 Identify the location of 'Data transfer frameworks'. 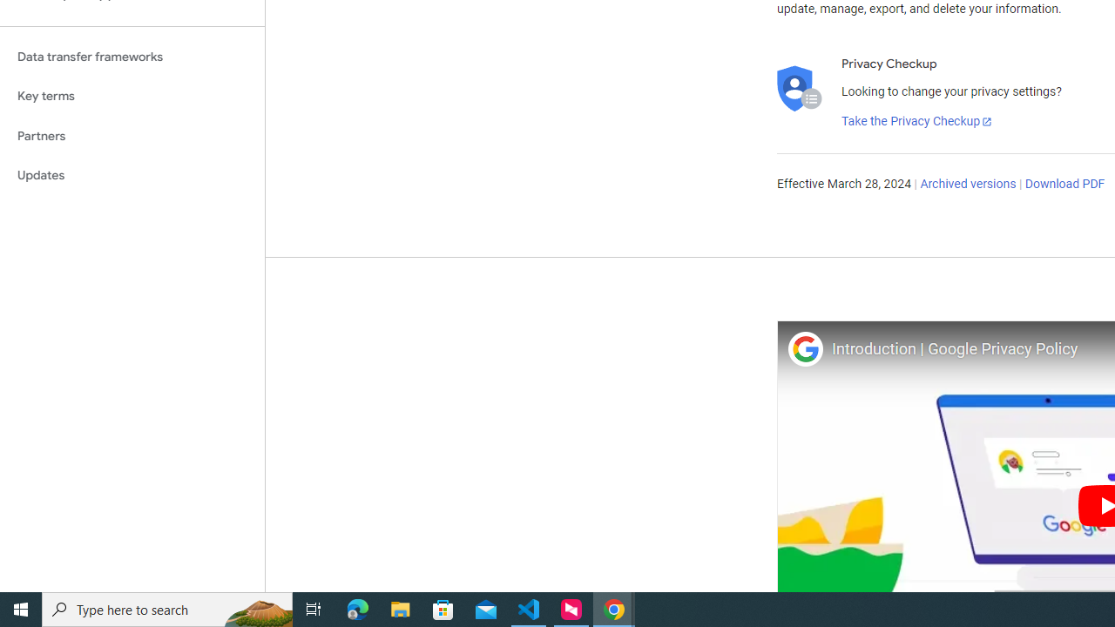
(132, 56).